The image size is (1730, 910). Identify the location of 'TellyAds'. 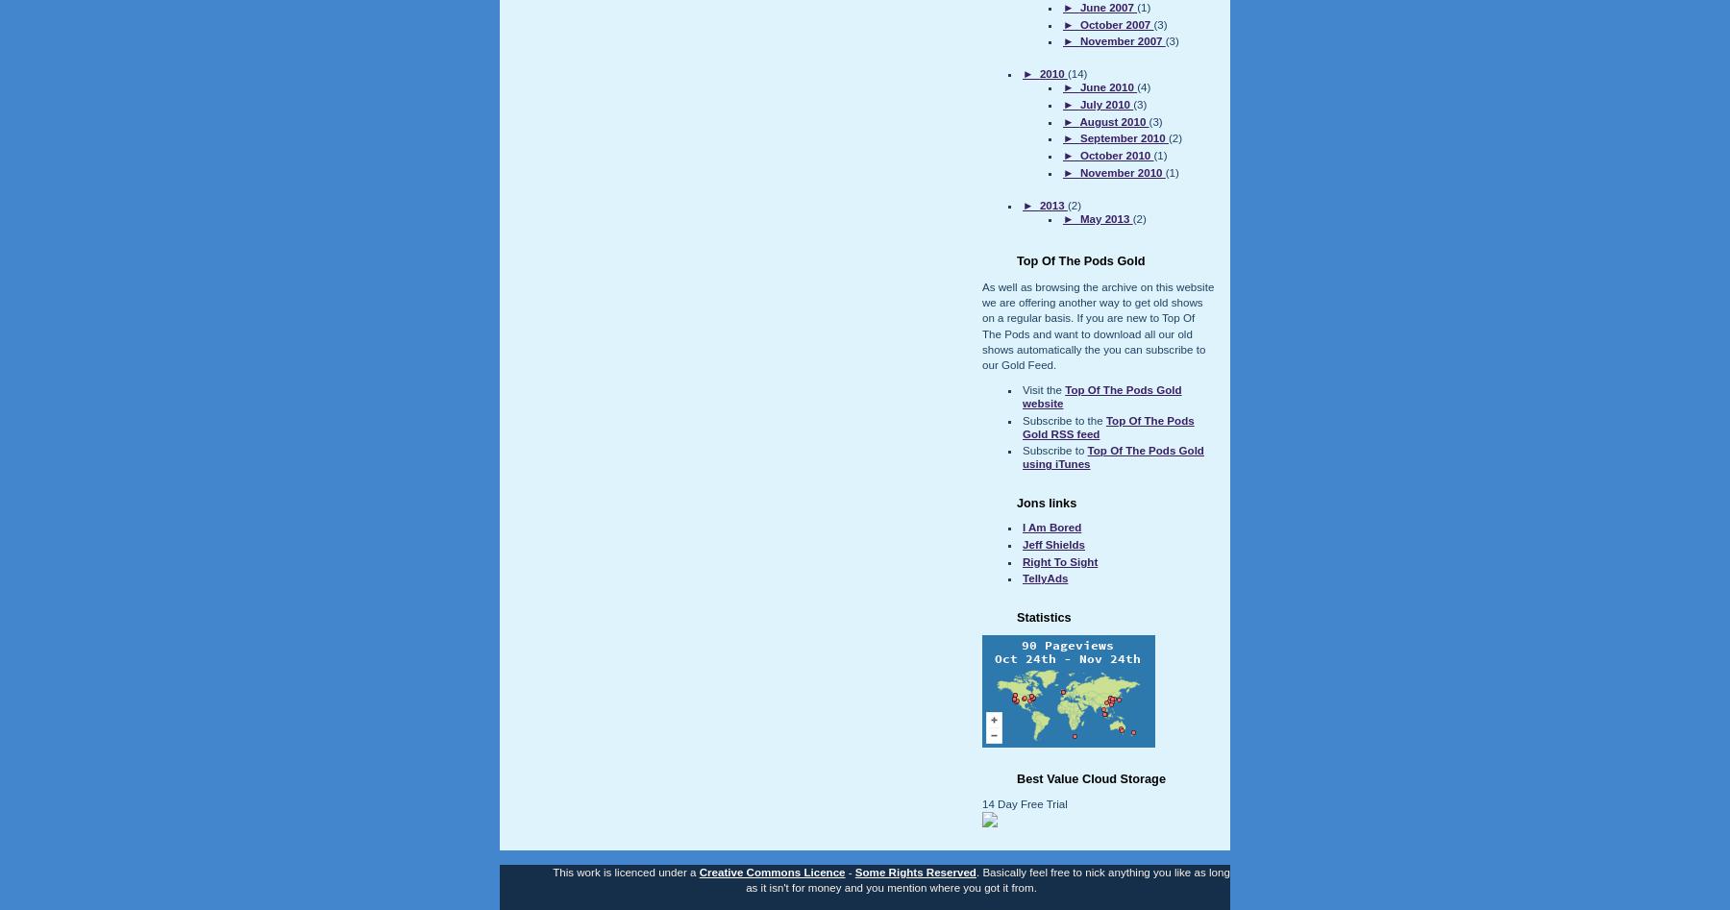
(1045, 578).